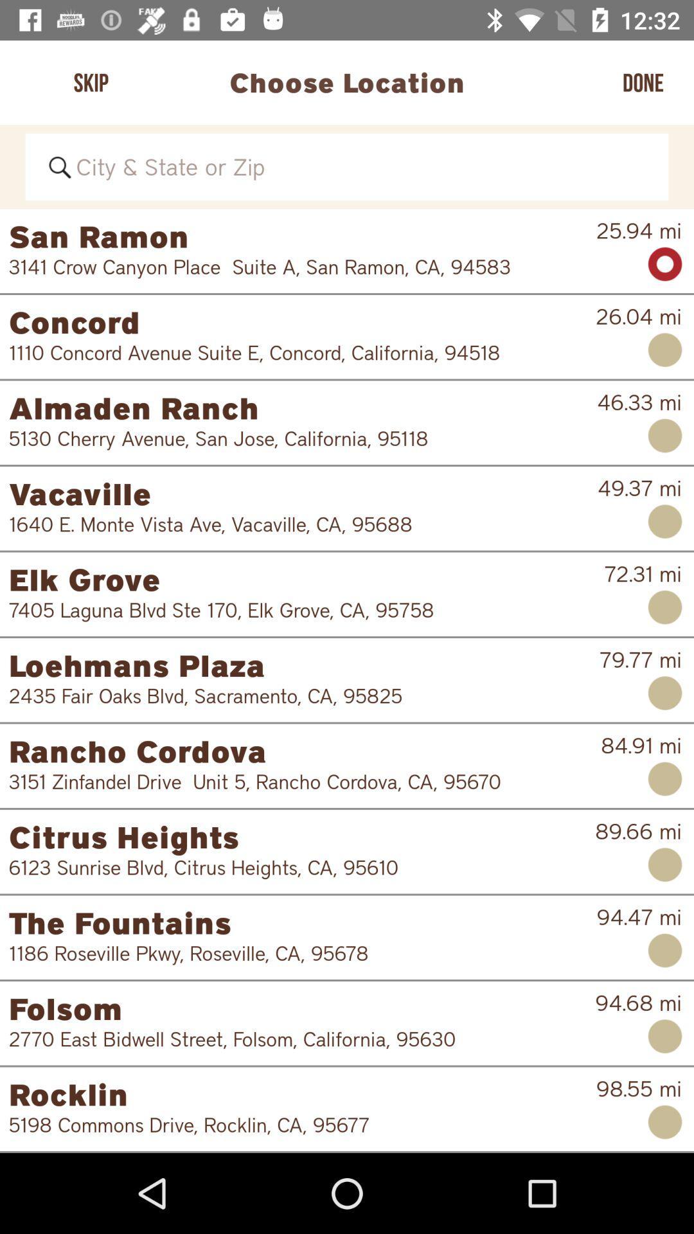  What do you see at coordinates (639, 1088) in the screenshot?
I see `98.55 mi` at bounding box center [639, 1088].